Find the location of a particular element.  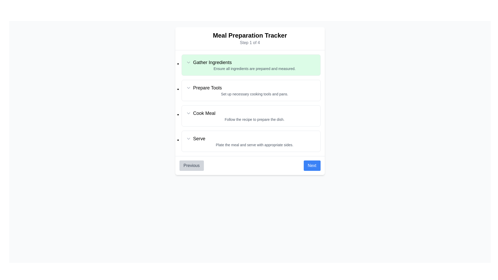

instructions from the informational card detailing the requirement to gather ingredients, which is the first entry in the vertical list of steps is located at coordinates (251, 65).